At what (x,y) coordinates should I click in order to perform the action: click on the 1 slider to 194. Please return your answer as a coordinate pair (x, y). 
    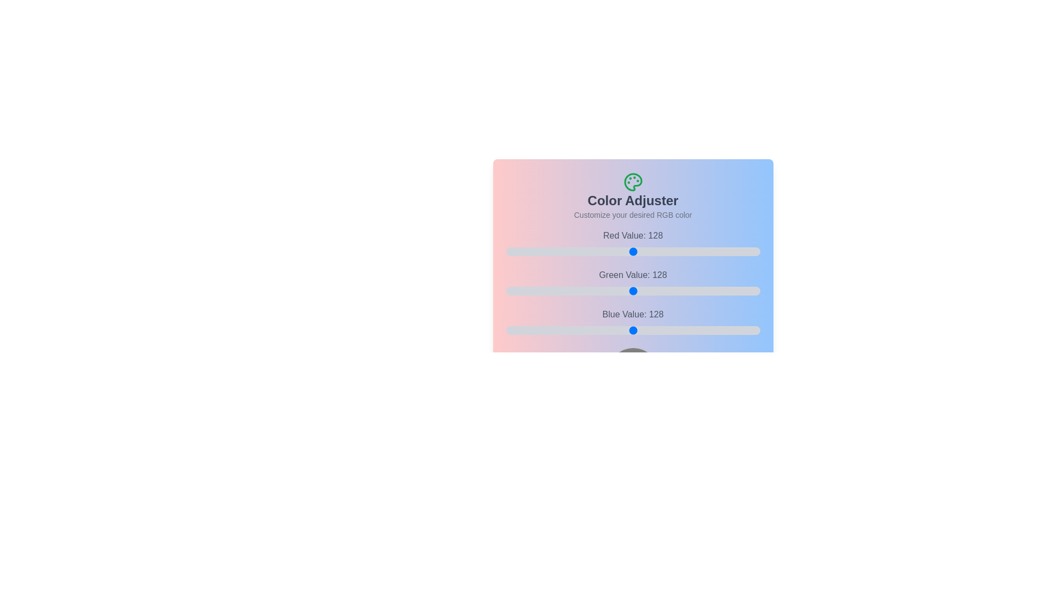
    Looking at the image, I should click on (730, 291).